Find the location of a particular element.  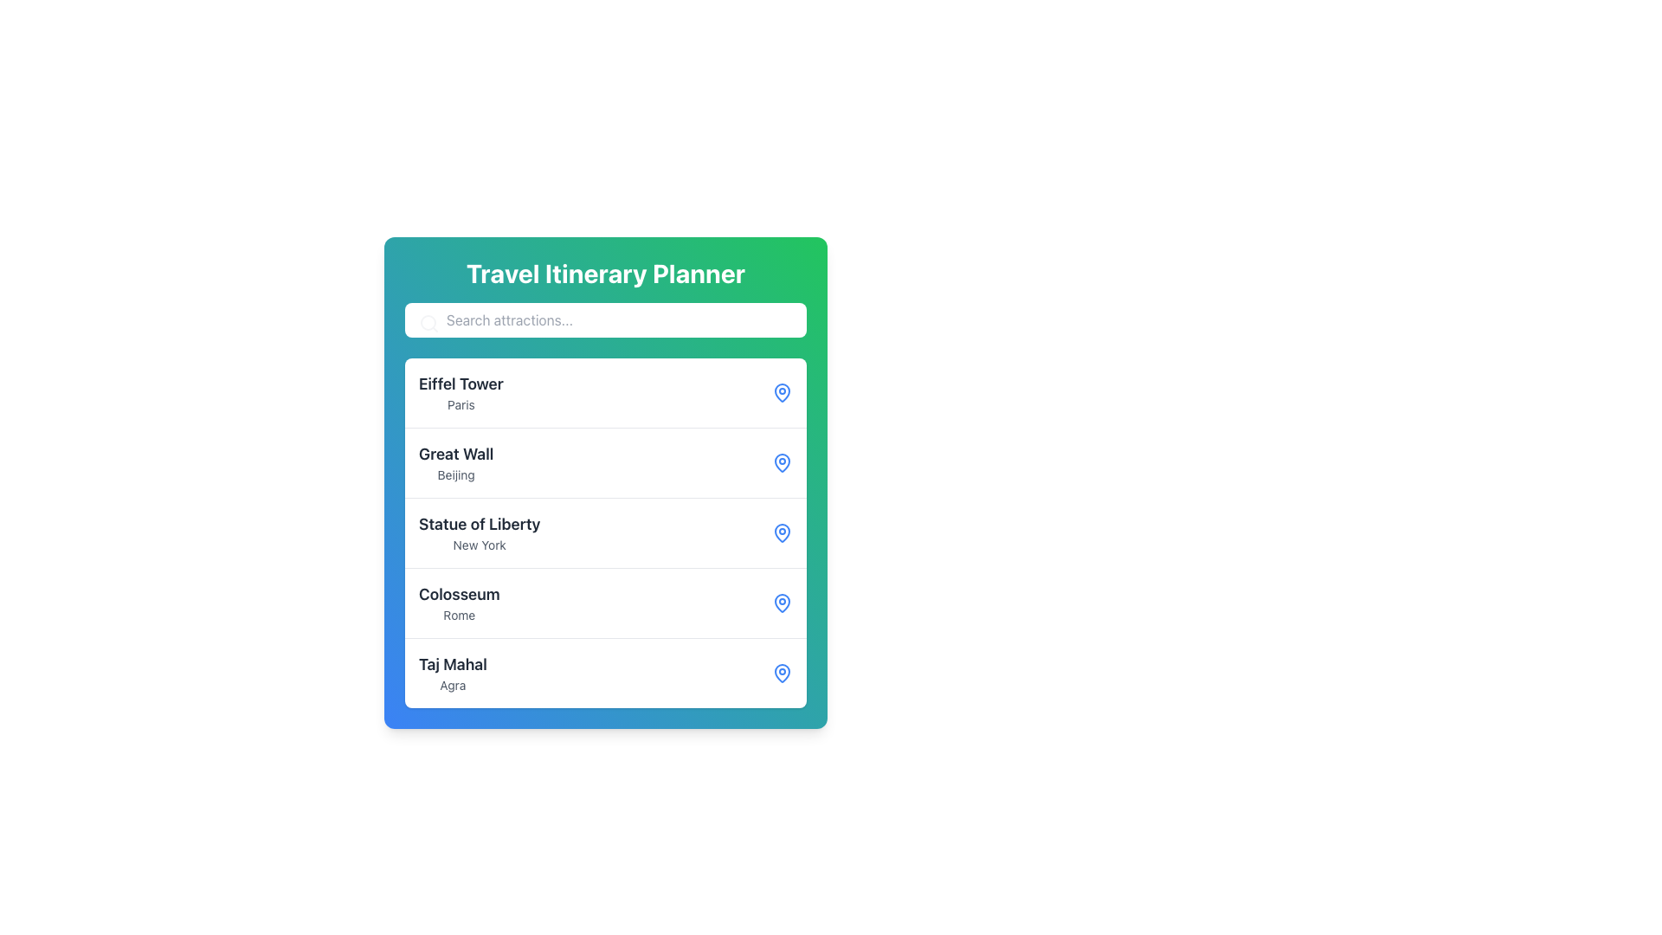

the text label that displays 'Great Wall', which is styled prominently and located directly above the smaller text 'Beijing' is located at coordinates (456, 453).